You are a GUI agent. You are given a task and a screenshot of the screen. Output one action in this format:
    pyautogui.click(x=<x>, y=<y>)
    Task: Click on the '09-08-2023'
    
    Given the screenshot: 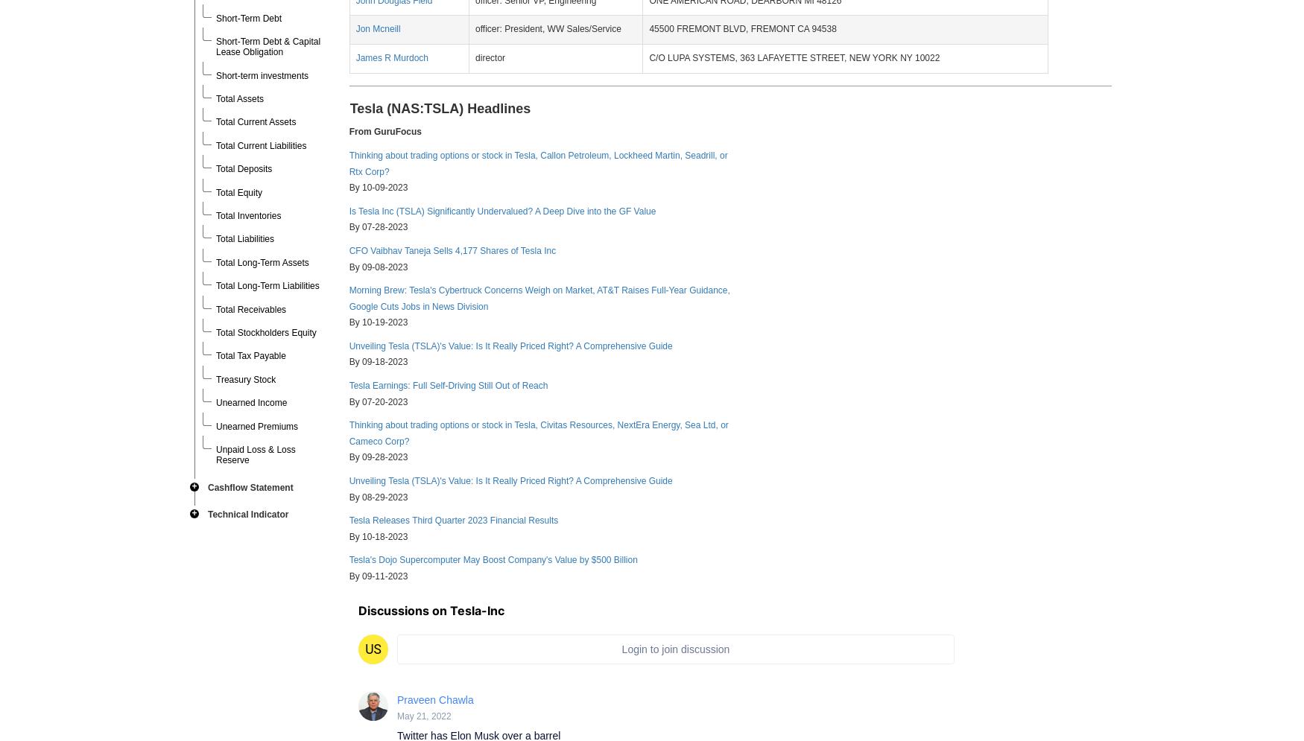 What is the action you would take?
    pyautogui.click(x=384, y=266)
    